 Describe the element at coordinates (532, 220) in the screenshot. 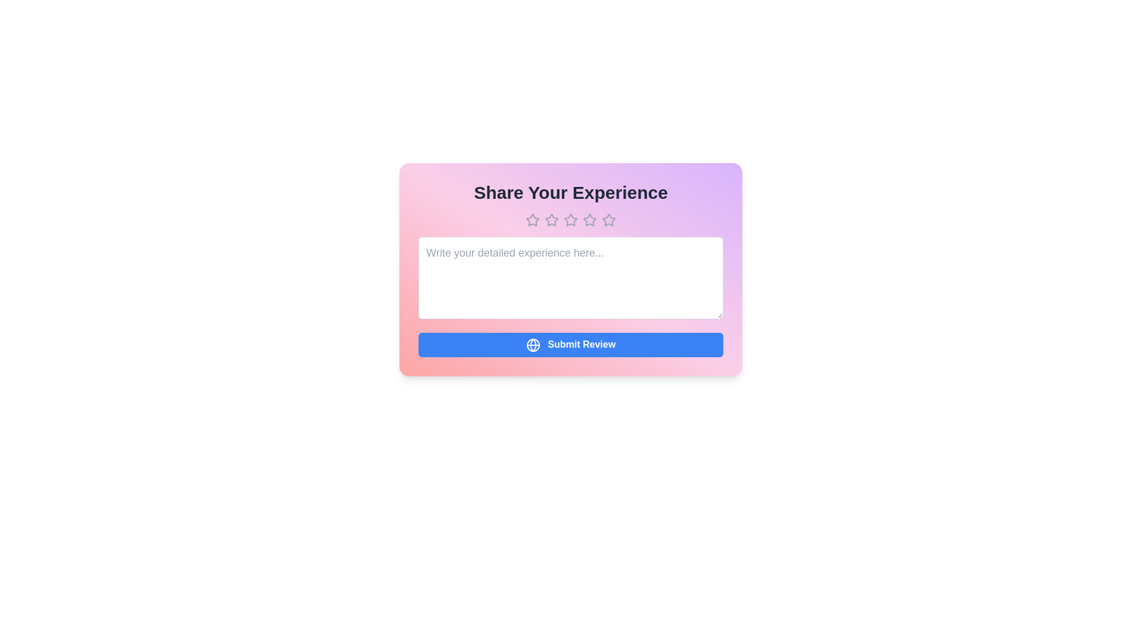

I see `the star corresponding to 1 stars to preview the rating` at that location.